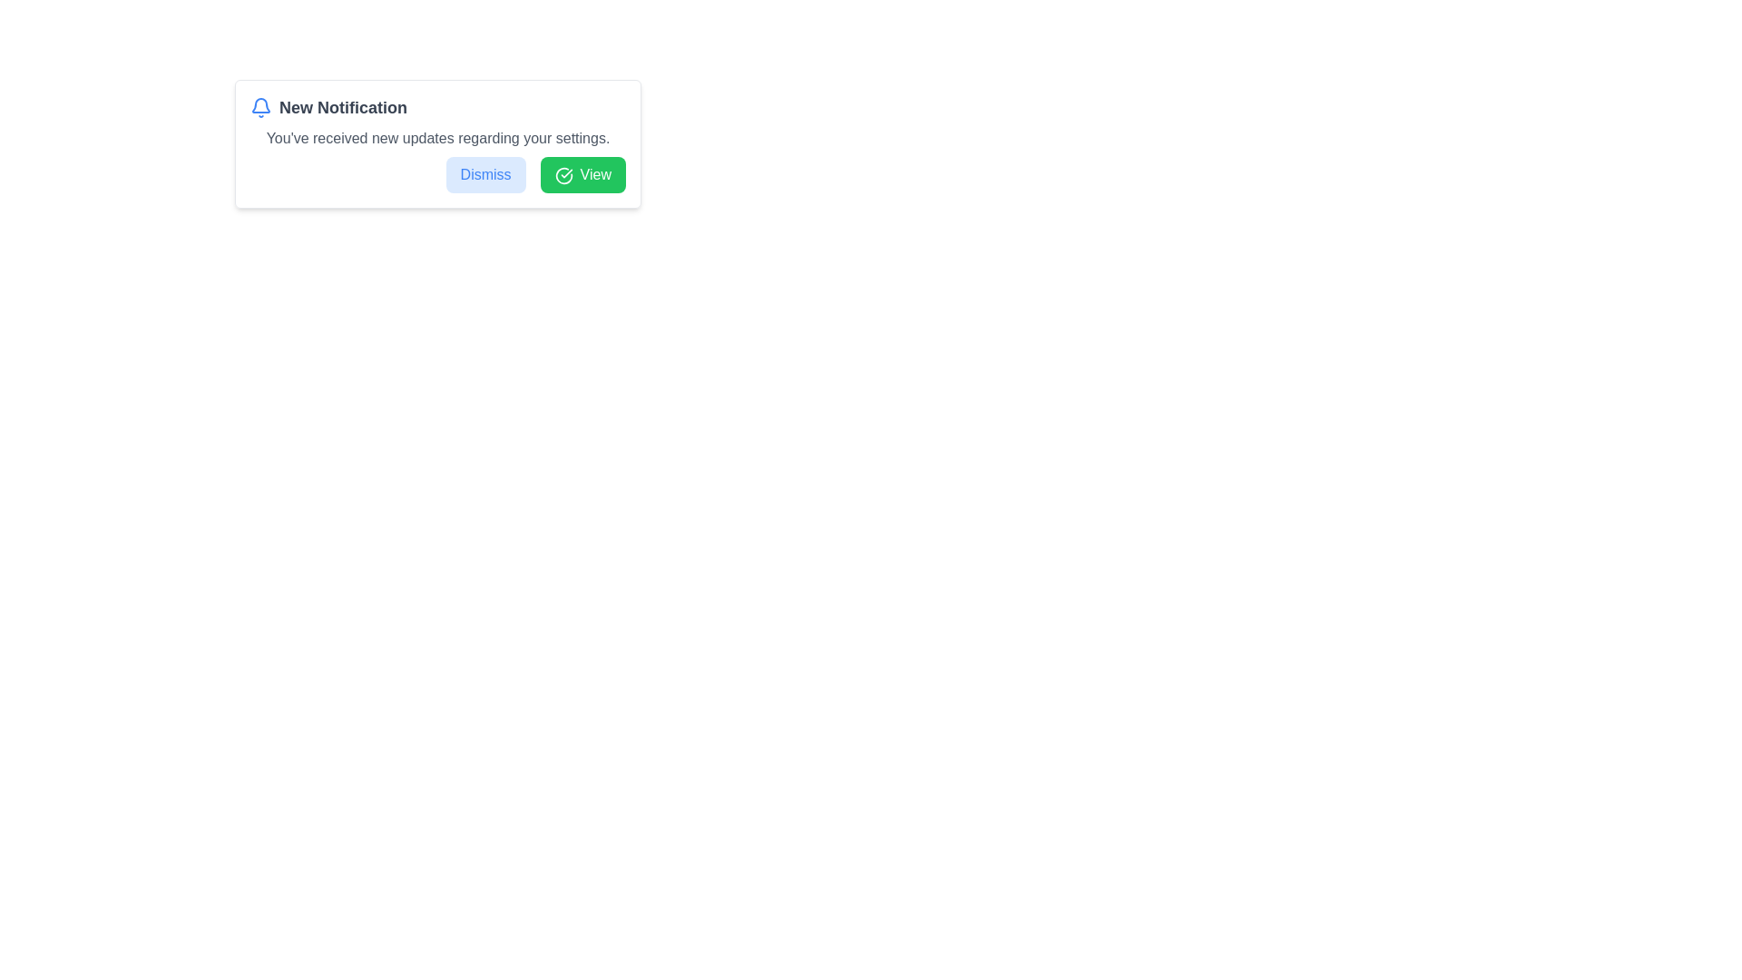 The image size is (1742, 980). What do you see at coordinates (438, 138) in the screenshot?
I see `the text label displaying the message 'You've received new updates regarding your settings.' which is located beneath the title 'New Notification' in the notification card` at bounding box center [438, 138].